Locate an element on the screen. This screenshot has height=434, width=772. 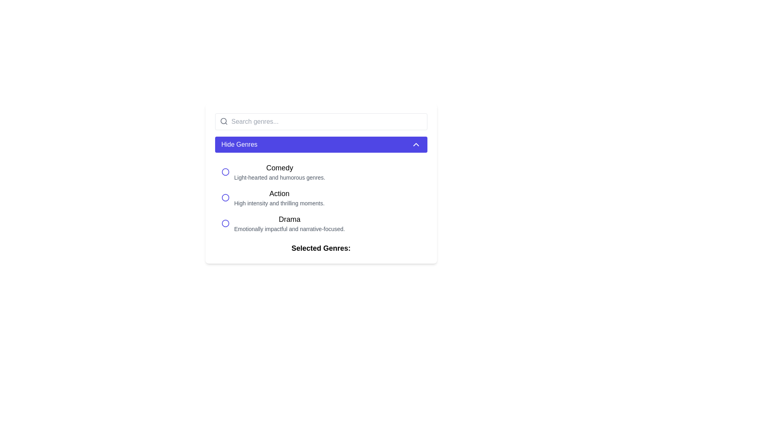
the selectable list item labeled 'Drama Emotionally impactful and narrative-focused.' is located at coordinates (320, 223).